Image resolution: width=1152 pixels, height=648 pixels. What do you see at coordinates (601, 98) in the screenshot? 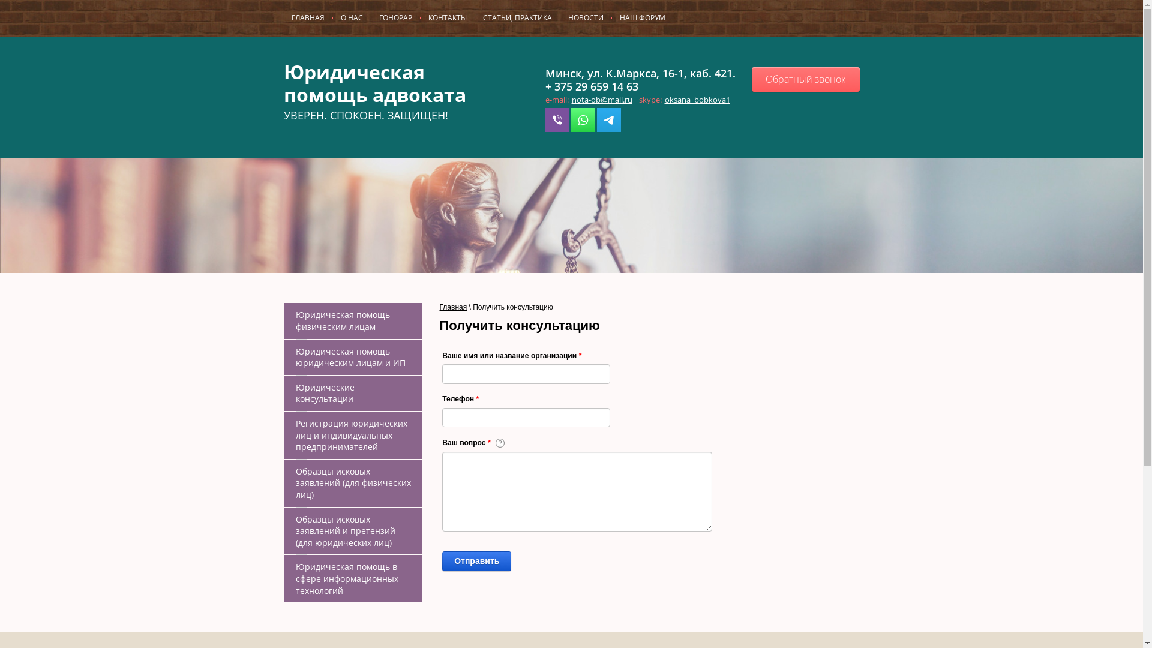
I see `'nota-ob@mail.ru'` at bounding box center [601, 98].